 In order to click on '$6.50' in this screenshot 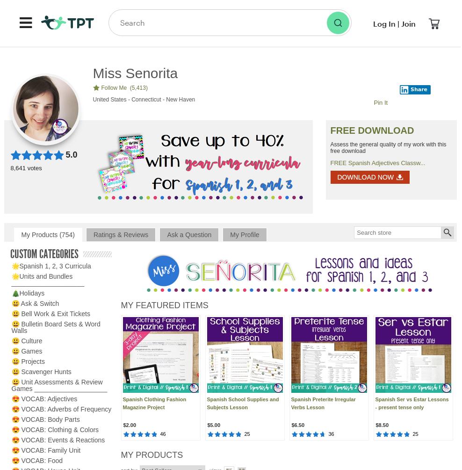, I will do `click(297, 425)`.